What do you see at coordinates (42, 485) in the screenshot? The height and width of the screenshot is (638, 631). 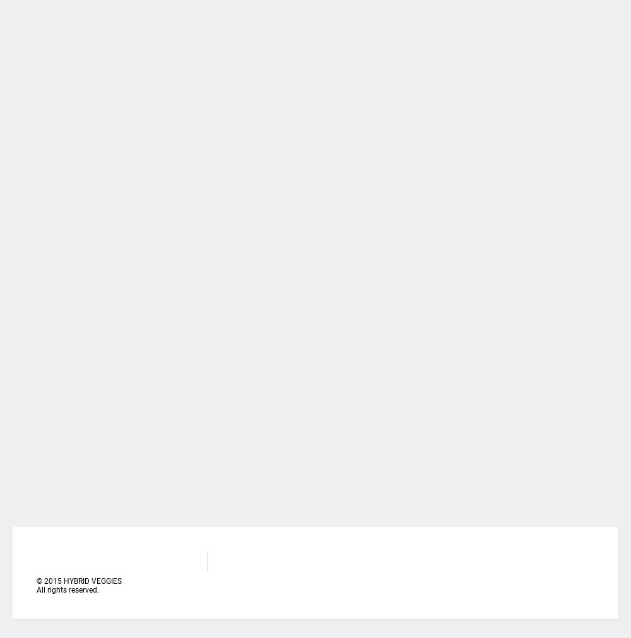 I see `'Talabi Olufolajimi'` at bounding box center [42, 485].